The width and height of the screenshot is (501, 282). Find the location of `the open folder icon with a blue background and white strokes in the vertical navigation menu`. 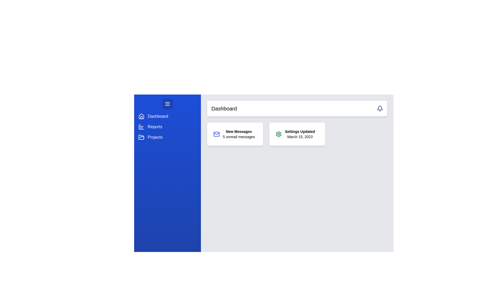

the open folder icon with a blue background and white strokes in the vertical navigation menu is located at coordinates (141, 137).